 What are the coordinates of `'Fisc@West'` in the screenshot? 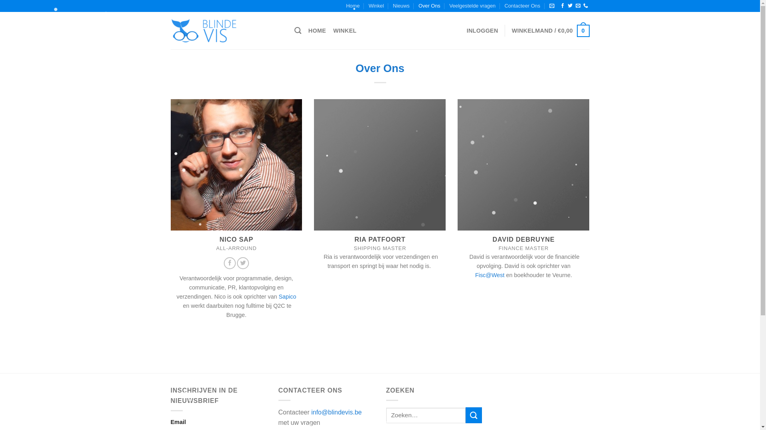 It's located at (475, 275).